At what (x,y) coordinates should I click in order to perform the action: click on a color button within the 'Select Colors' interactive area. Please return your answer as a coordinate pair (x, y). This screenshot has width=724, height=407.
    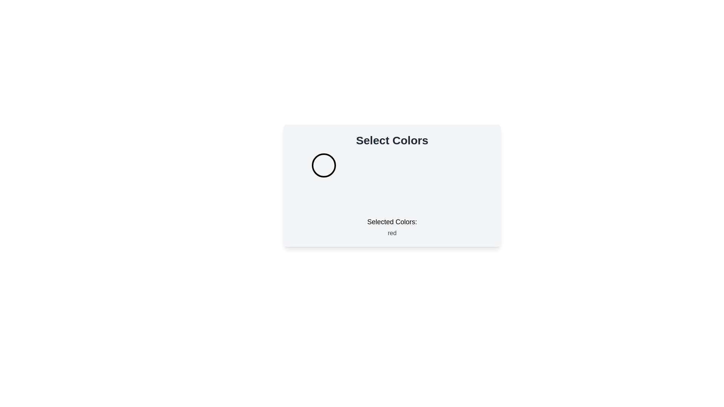
    Looking at the image, I should click on (392, 186).